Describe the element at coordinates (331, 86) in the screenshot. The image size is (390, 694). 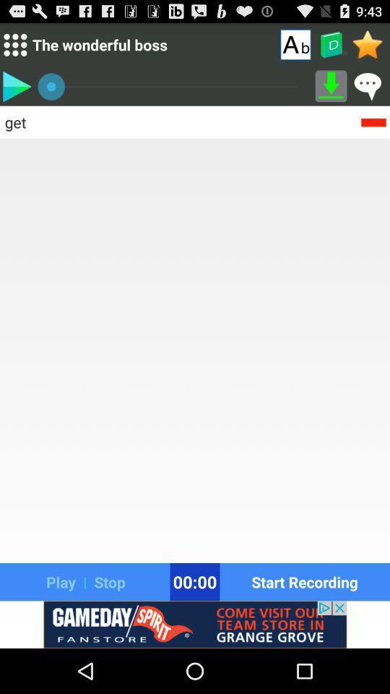
I see `option` at that location.